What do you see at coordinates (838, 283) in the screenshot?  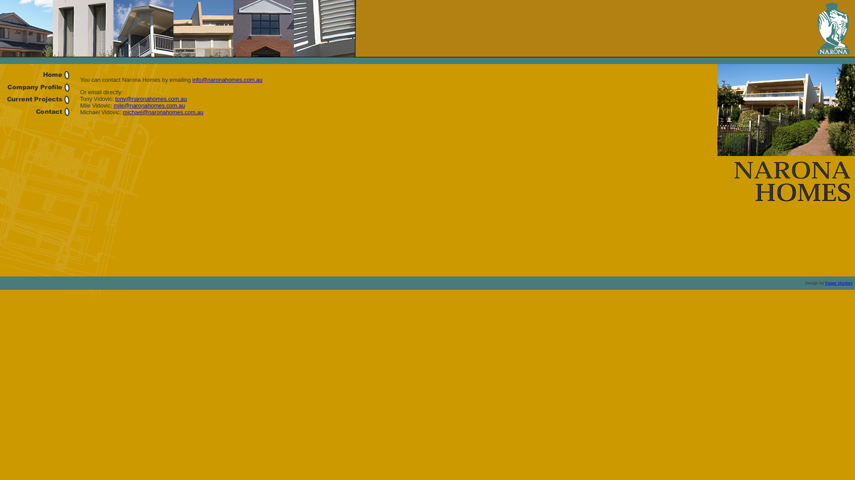 I see `'Paper Monkey'` at bounding box center [838, 283].